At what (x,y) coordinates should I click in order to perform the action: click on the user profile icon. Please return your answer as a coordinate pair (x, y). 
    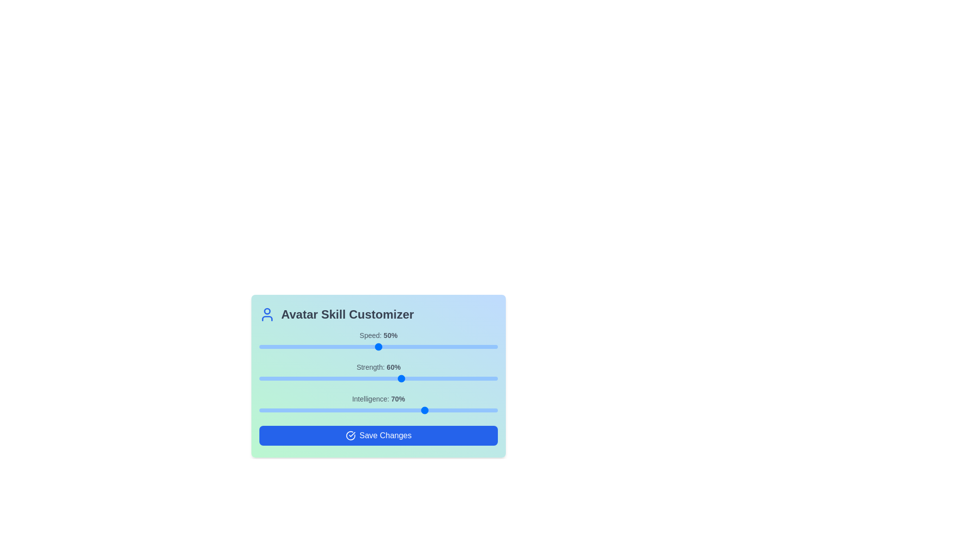
    Looking at the image, I should click on (267, 314).